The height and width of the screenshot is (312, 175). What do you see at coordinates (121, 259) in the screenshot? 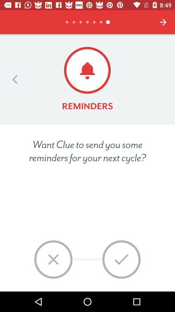
I see `the ok item` at bounding box center [121, 259].